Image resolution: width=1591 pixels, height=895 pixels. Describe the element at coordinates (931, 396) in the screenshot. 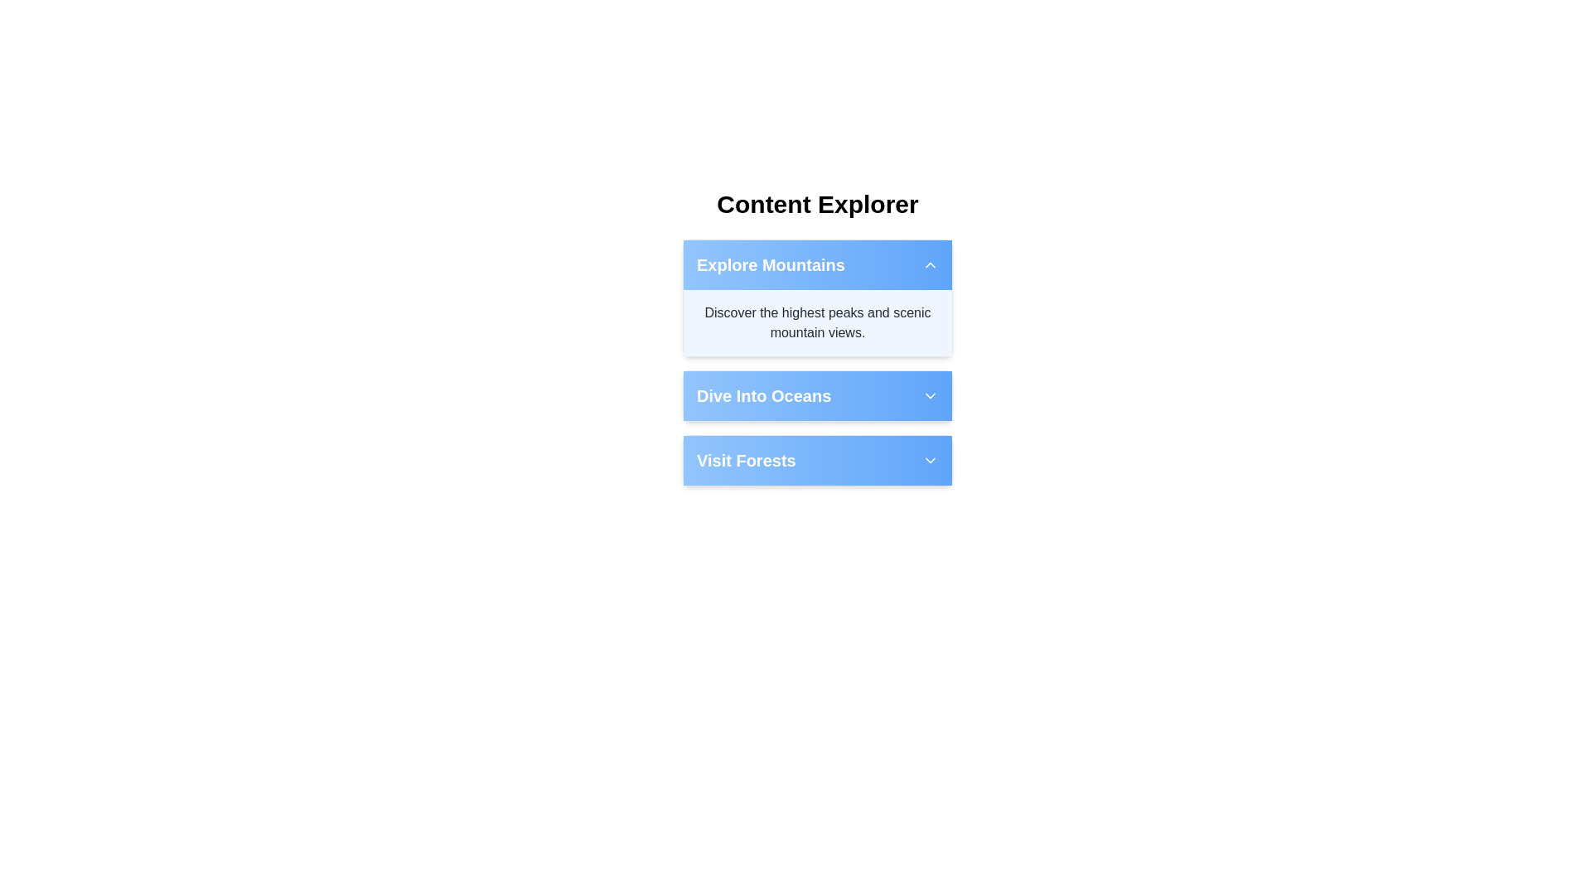

I see `the icon located on the right side of the 'Dive Into Oceans' section` at that location.